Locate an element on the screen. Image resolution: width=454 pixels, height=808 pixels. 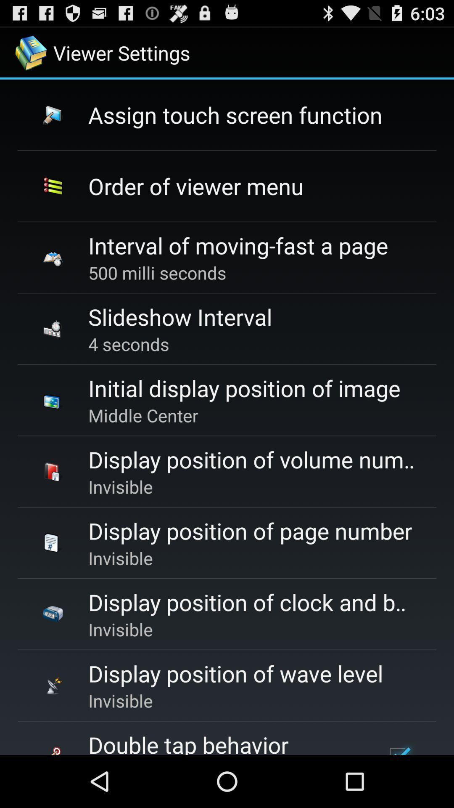
second icon of the viewer settings is located at coordinates (53, 186).